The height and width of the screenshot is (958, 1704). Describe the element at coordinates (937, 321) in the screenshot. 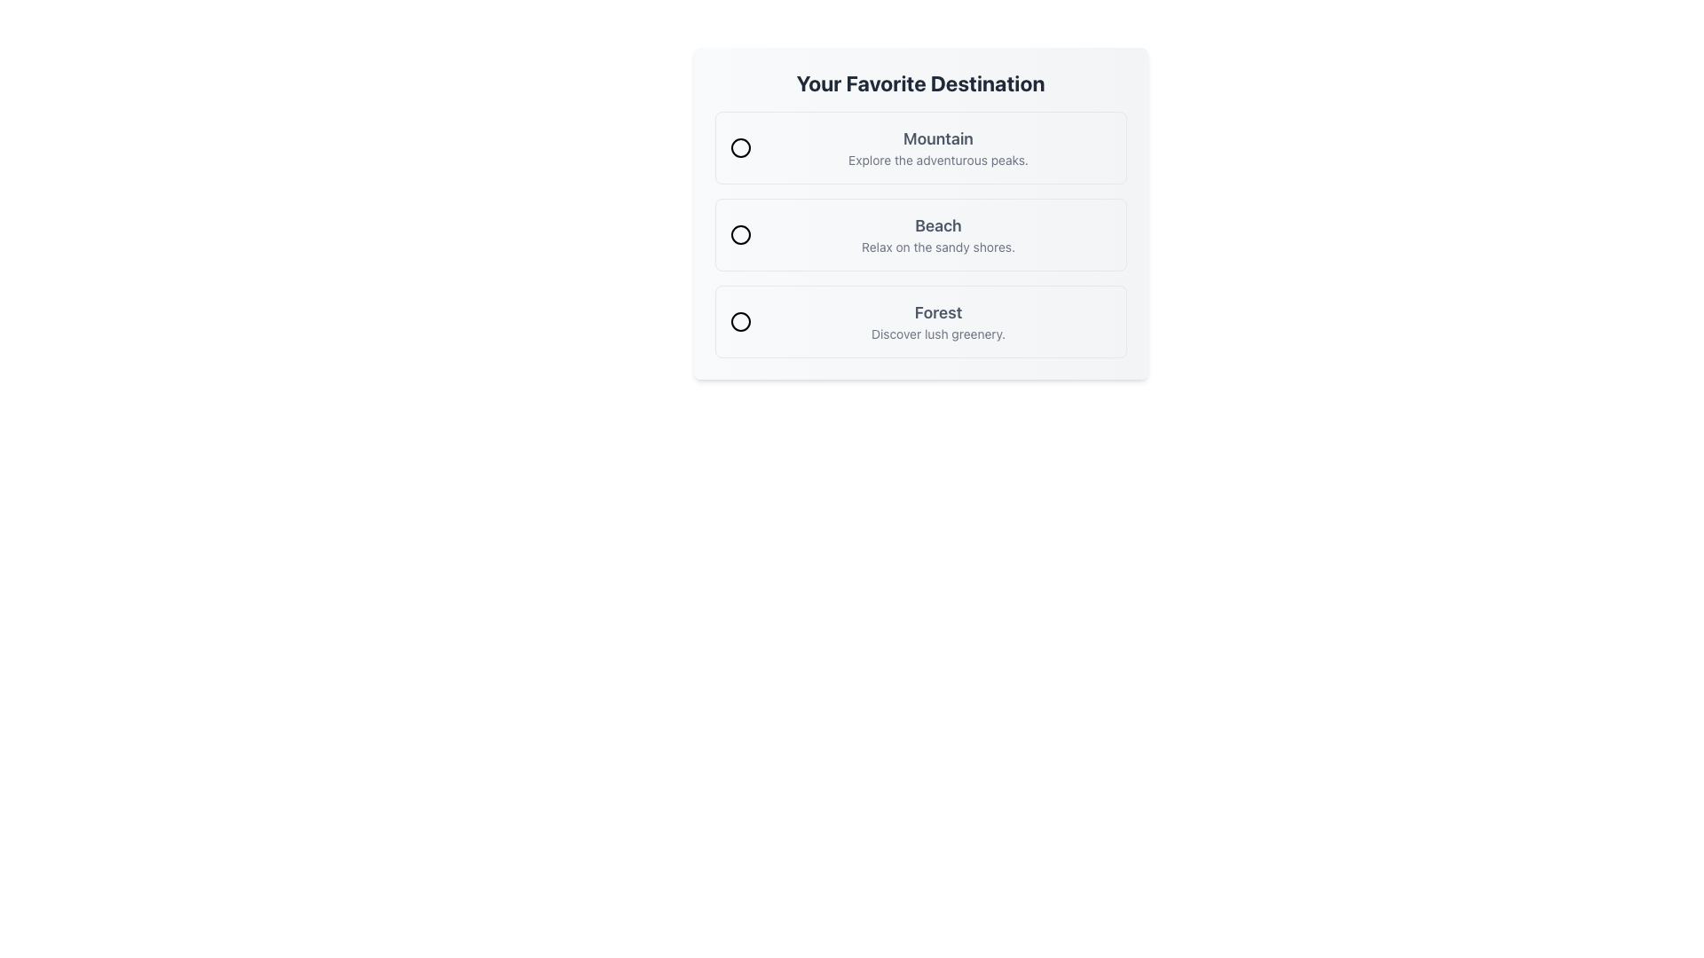

I see `the text display element that shows 'Forest' in bold gray font and the description 'Discover lush greenery.'` at that location.